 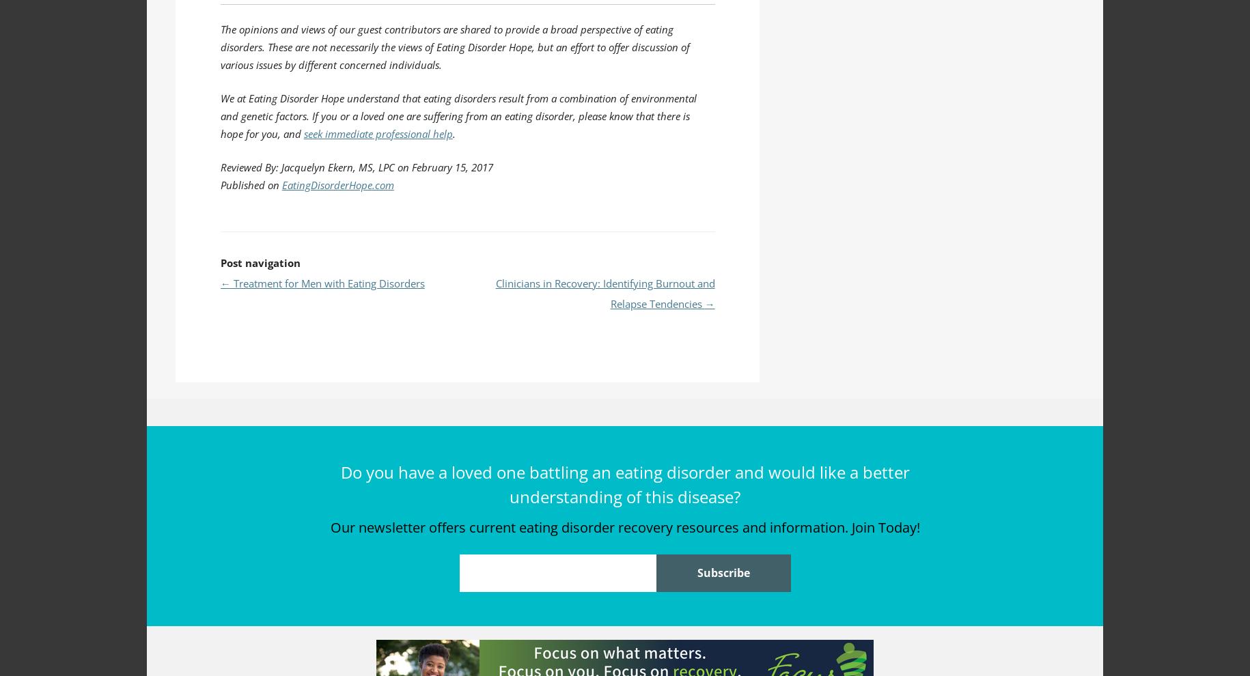 I want to click on '.', so click(x=453, y=133).